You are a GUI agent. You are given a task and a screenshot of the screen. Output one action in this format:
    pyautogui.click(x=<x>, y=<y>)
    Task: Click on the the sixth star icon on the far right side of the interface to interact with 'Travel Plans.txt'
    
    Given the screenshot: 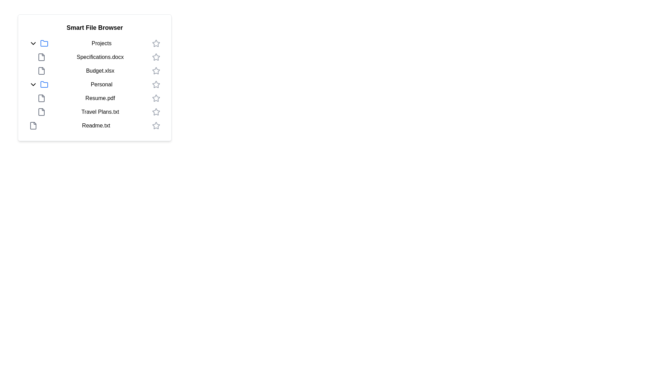 What is the action you would take?
    pyautogui.click(x=156, y=111)
    